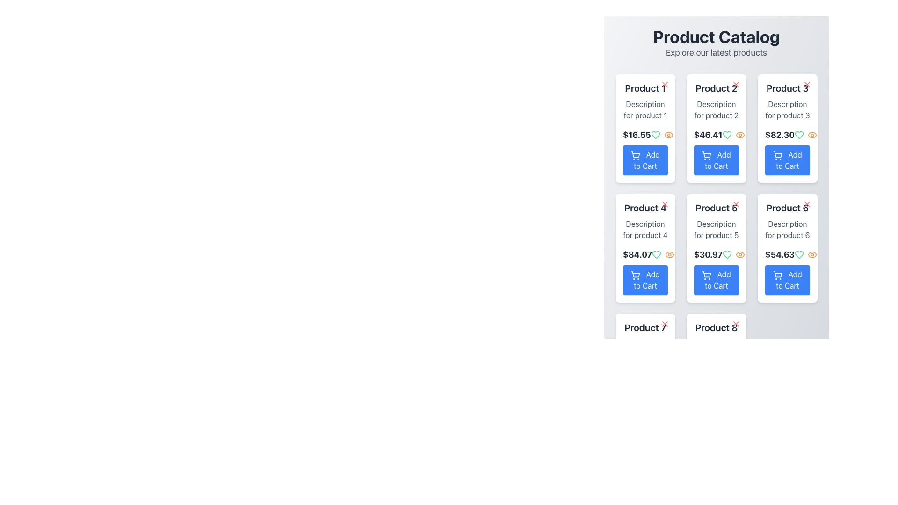  I want to click on the leftmost green heart-shaped icon located to the right of the price label for 'Product 5', so click(727, 254).